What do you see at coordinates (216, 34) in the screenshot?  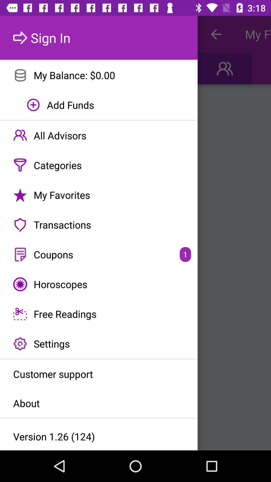 I see `icon to the right of sign in item` at bounding box center [216, 34].